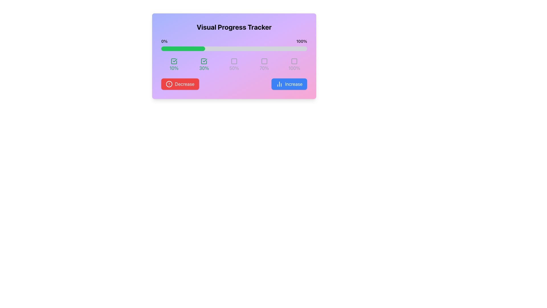  I want to click on the text label indicating a 10% progress level, which is positioned beneath the progress bar and is associated with a checkmark icon, so click(174, 68).